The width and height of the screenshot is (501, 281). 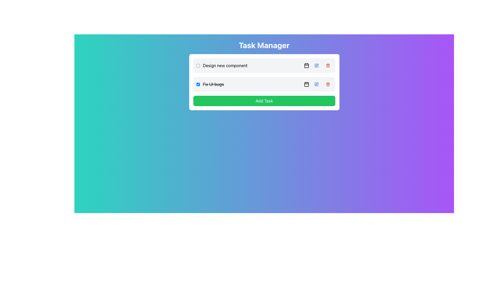 What do you see at coordinates (210, 84) in the screenshot?
I see `the labeled text with strikethrough indicating a completed task, located in the second row of tasks under 'Design new component'` at bounding box center [210, 84].